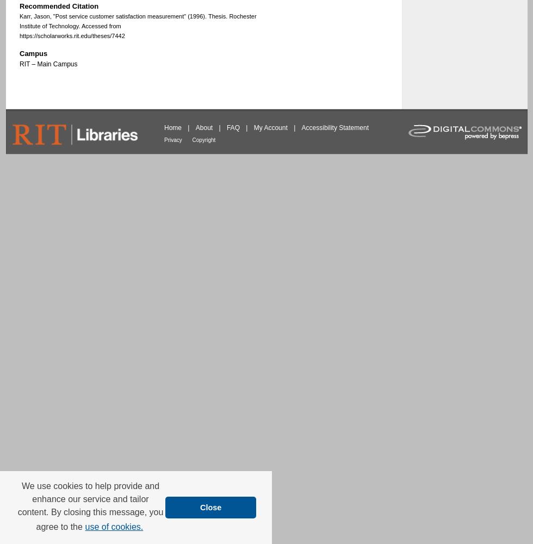  What do you see at coordinates (210, 507) in the screenshot?
I see `'Close'` at bounding box center [210, 507].